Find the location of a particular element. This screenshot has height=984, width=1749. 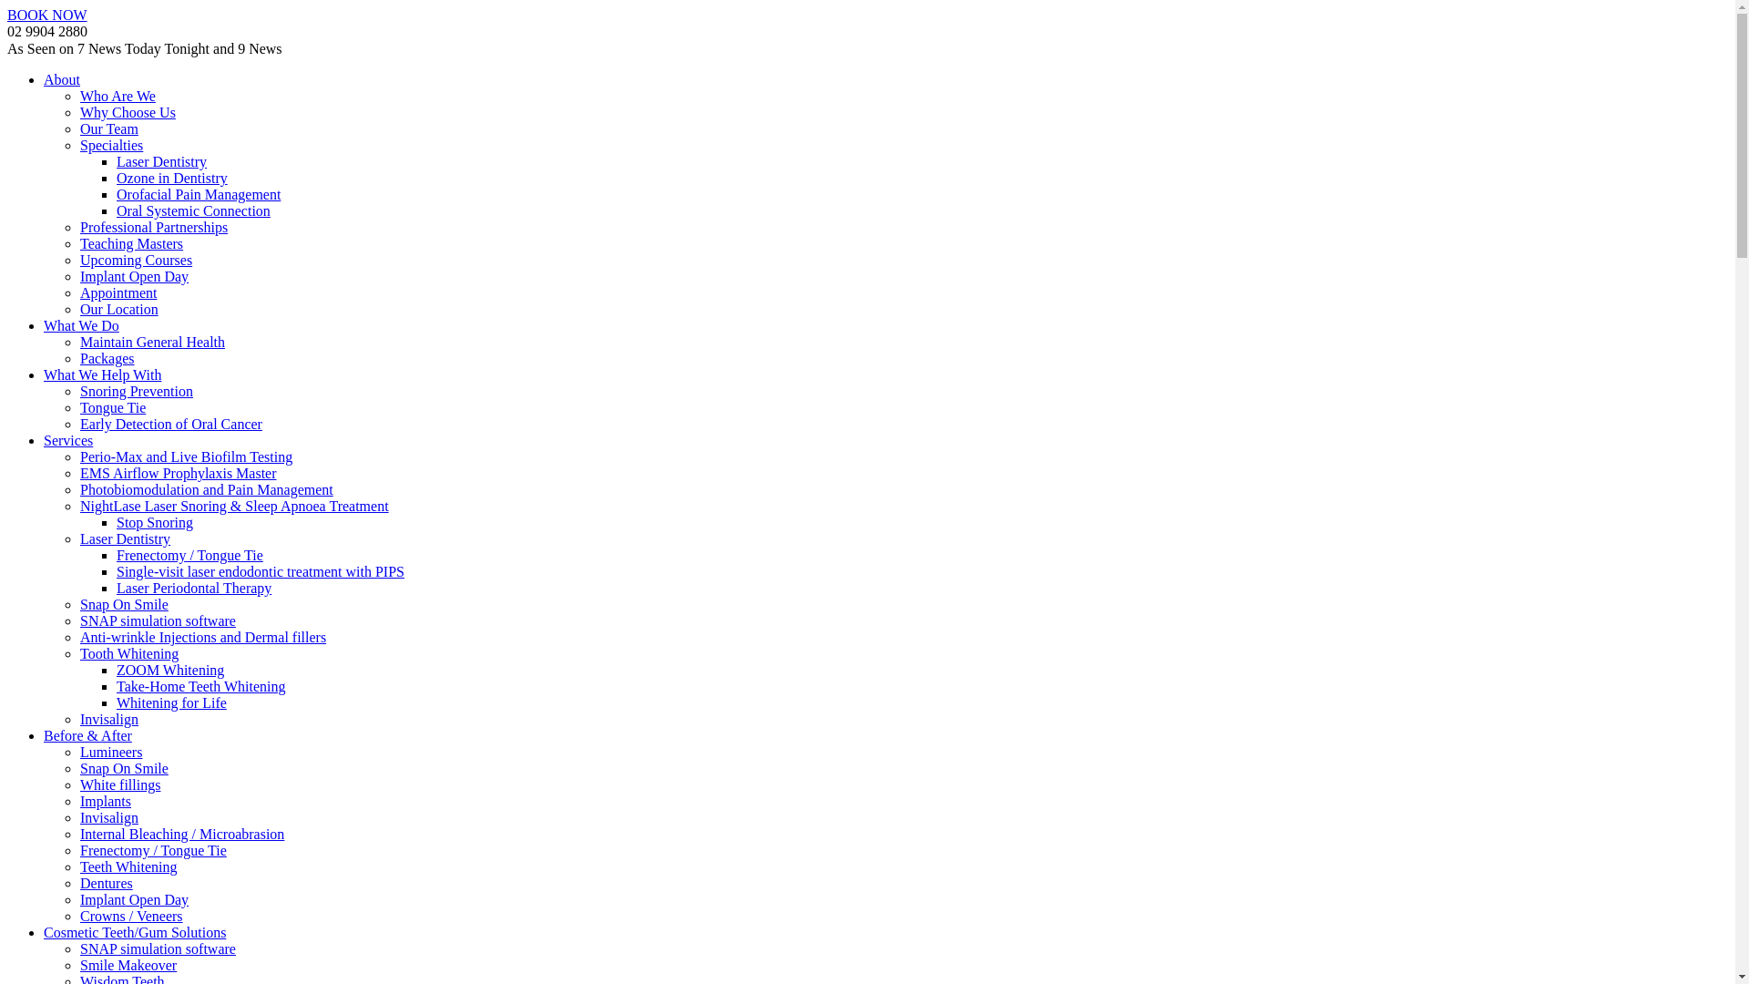

'Specialties' is located at coordinates (78, 144).